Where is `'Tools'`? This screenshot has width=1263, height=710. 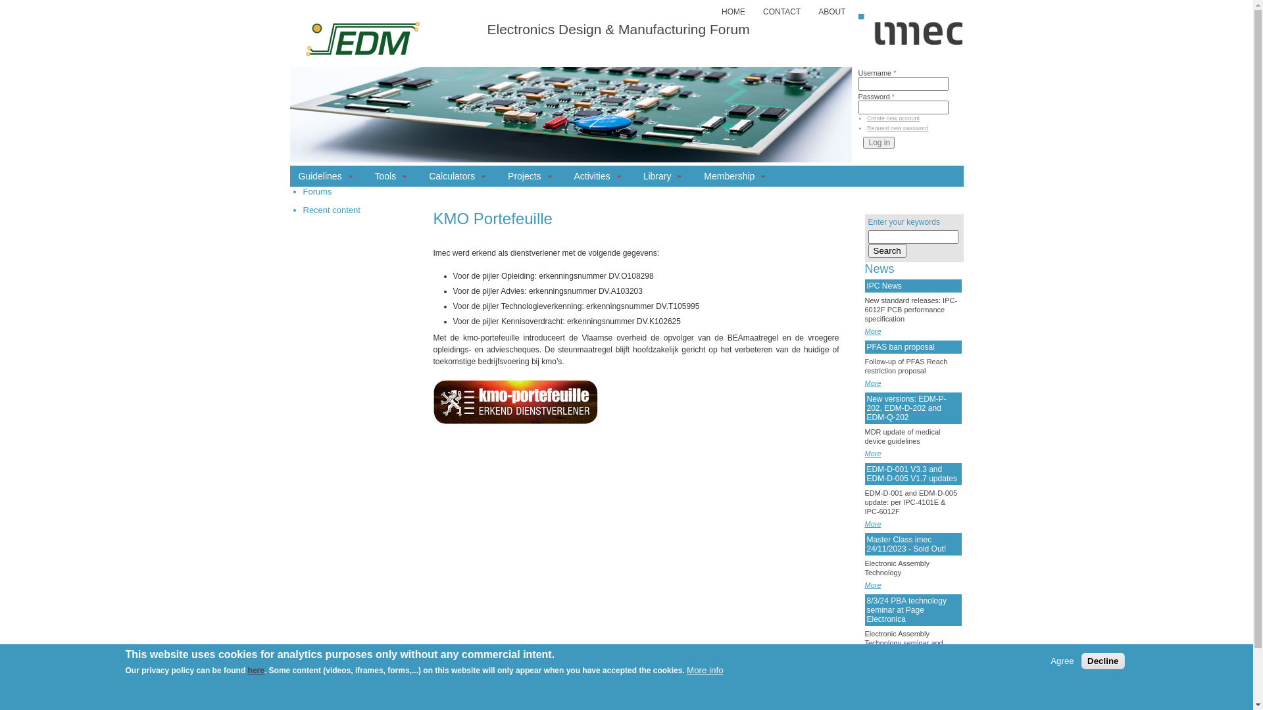 'Tools' is located at coordinates (391, 175).